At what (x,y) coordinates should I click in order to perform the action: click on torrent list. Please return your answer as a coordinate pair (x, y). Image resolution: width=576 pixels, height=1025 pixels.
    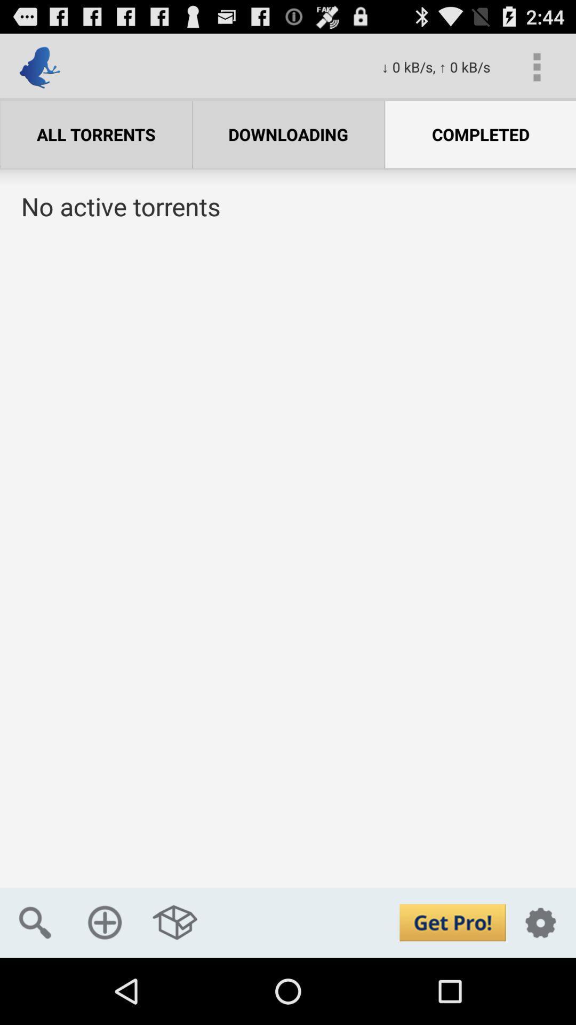
    Looking at the image, I should click on (288, 565).